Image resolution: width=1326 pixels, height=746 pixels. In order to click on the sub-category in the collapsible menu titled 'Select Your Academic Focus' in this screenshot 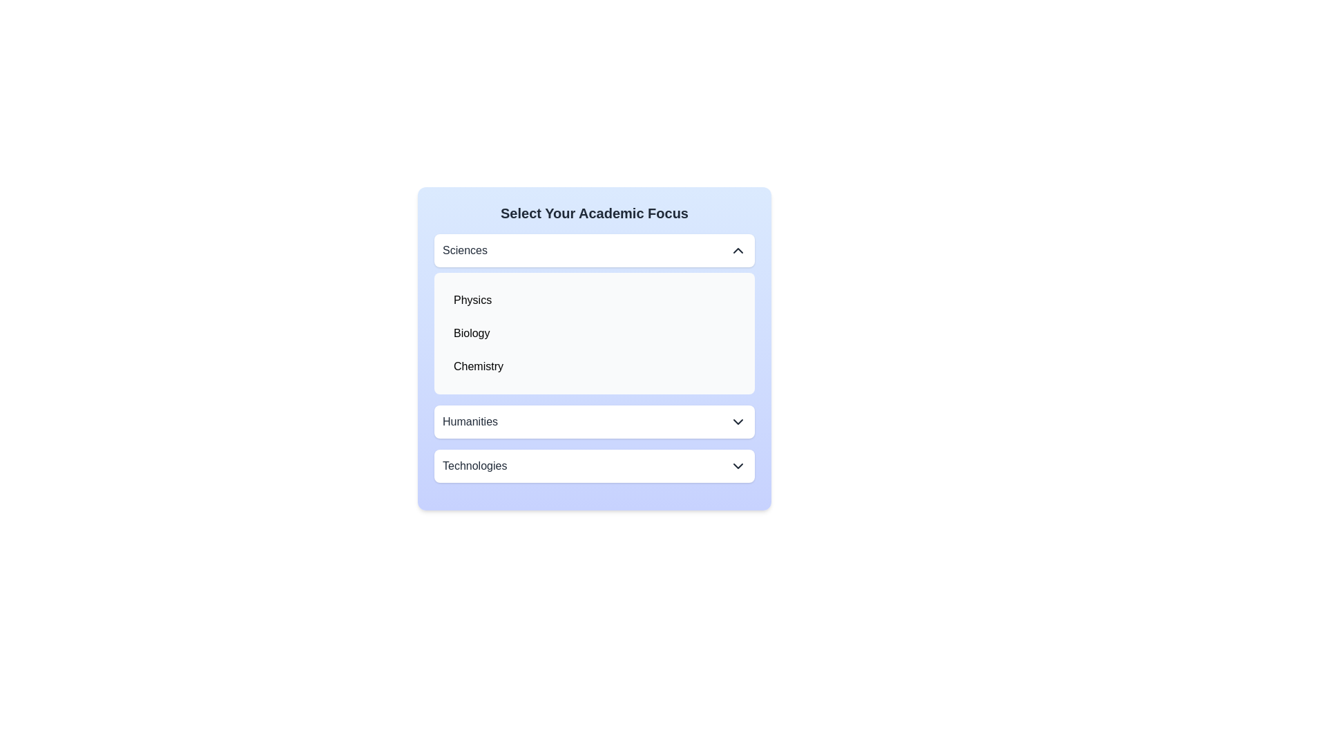, I will do `click(594, 348)`.